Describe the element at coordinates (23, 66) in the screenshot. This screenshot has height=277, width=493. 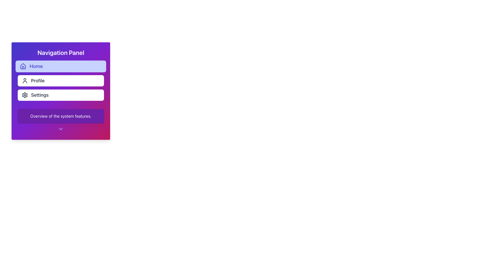
I see `the house-shaped icon located to the left of the 'Home' text in the navigation panel` at that location.